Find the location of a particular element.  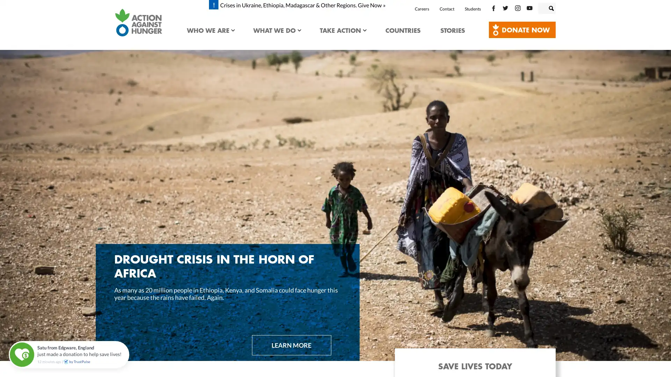

Click Me is located at coordinates (522, 29).